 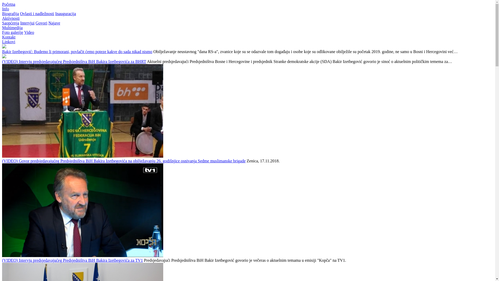 I want to click on 'Govori', so click(x=35, y=23).